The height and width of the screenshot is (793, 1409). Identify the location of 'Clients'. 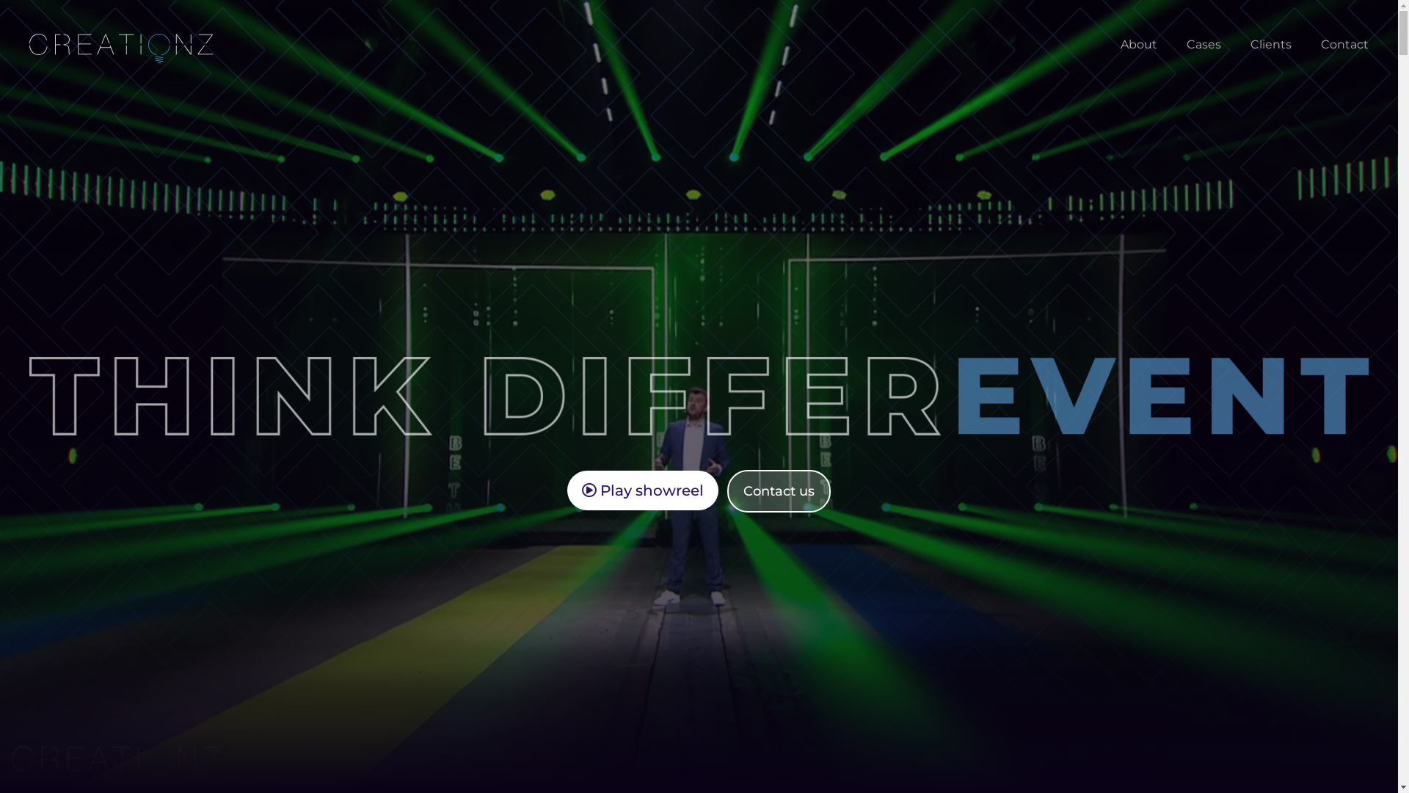
(1270, 43).